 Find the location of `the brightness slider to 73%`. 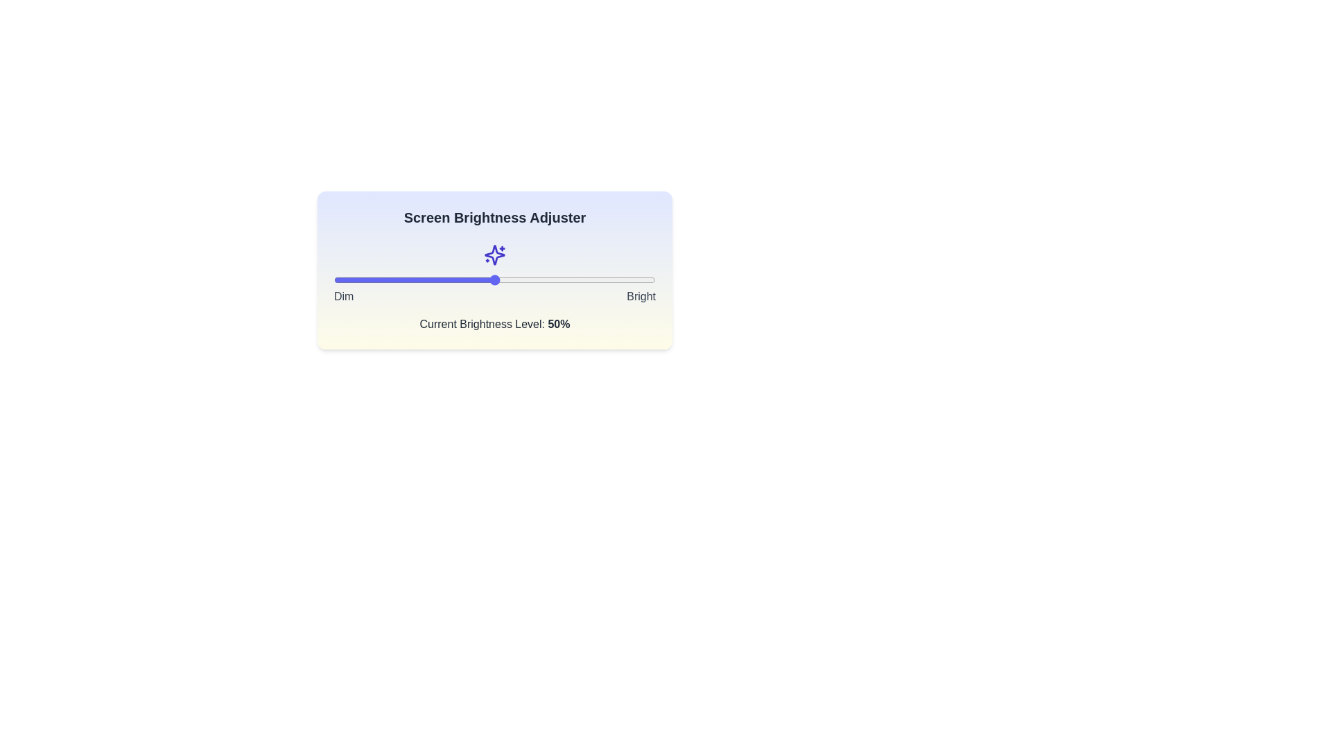

the brightness slider to 73% is located at coordinates (568, 280).